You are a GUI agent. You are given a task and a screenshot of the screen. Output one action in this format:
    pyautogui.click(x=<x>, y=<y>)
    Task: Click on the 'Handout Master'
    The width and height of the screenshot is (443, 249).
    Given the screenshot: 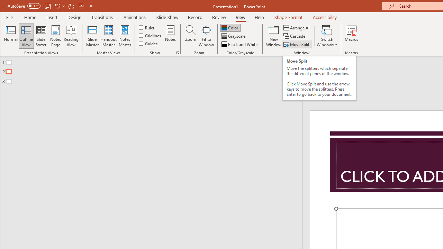 What is the action you would take?
    pyautogui.click(x=108, y=36)
    